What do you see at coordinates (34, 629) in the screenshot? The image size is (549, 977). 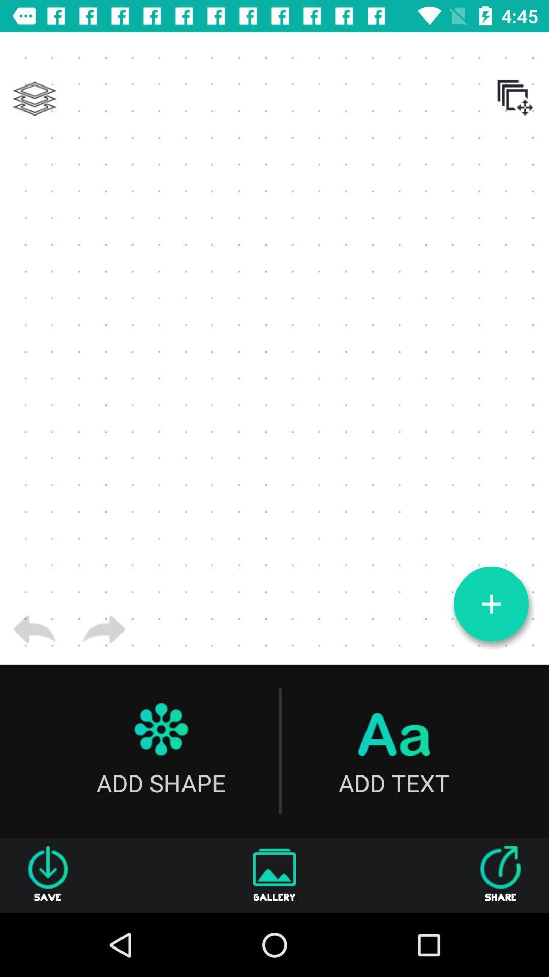 I see `undo` at bounding box center [34, 629].